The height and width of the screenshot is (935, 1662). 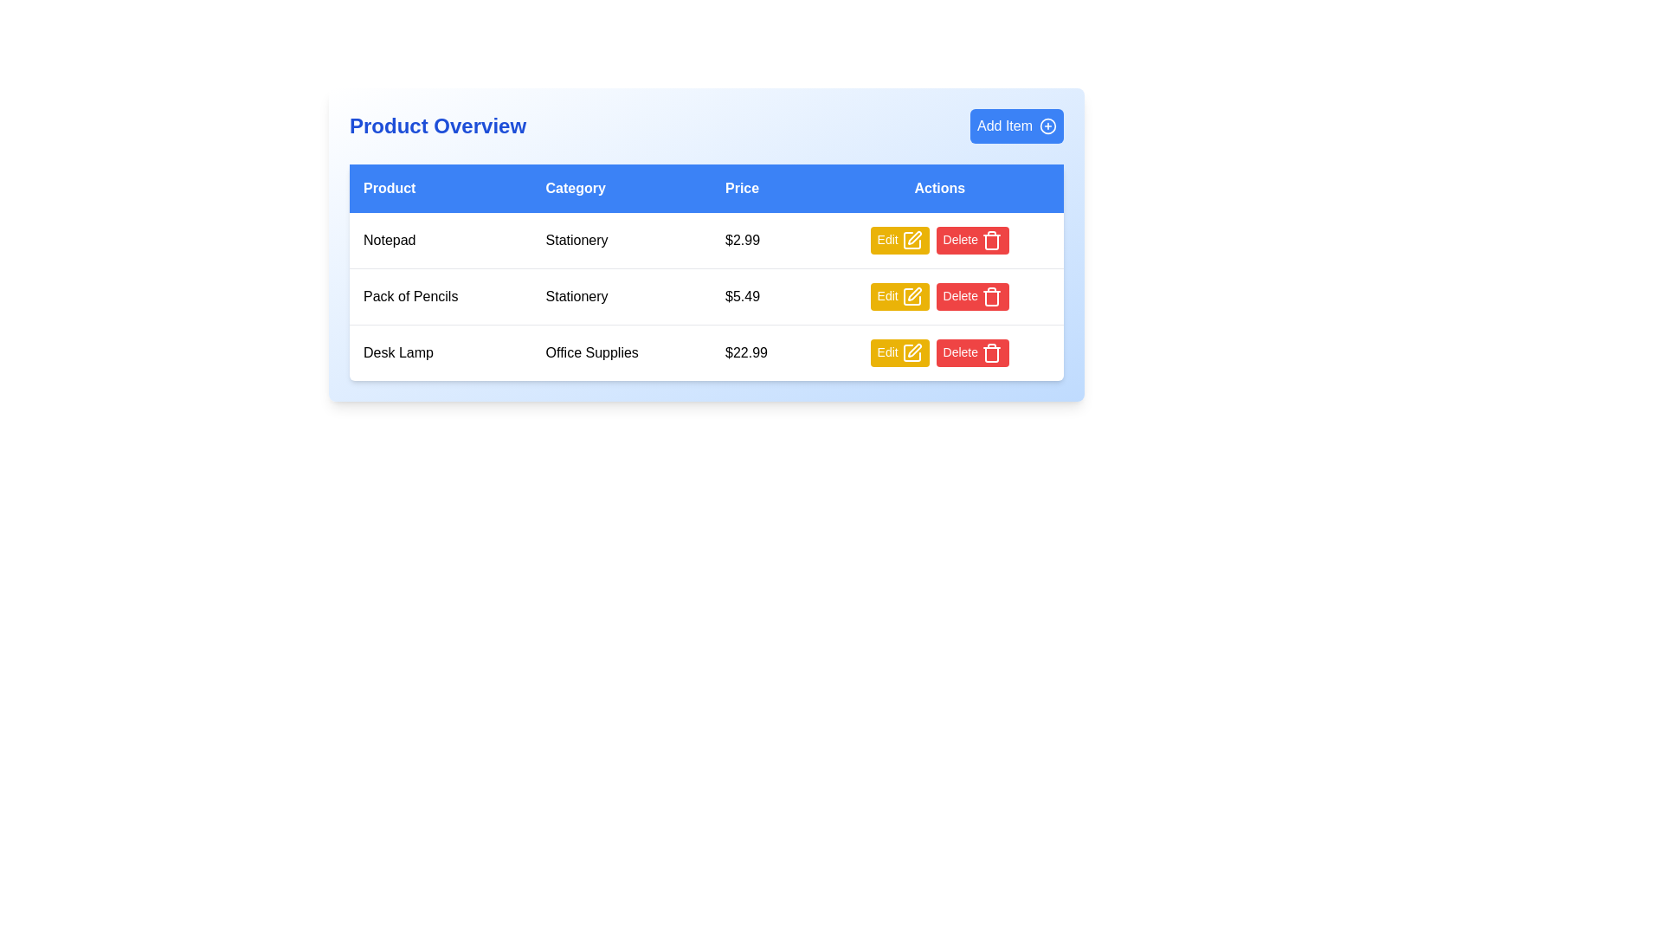 I want to click on the 'Edit' icon button in the 'Actions' column for the 'Desk Lamp' row to initiate the edit function, so click(x=913, y=351).